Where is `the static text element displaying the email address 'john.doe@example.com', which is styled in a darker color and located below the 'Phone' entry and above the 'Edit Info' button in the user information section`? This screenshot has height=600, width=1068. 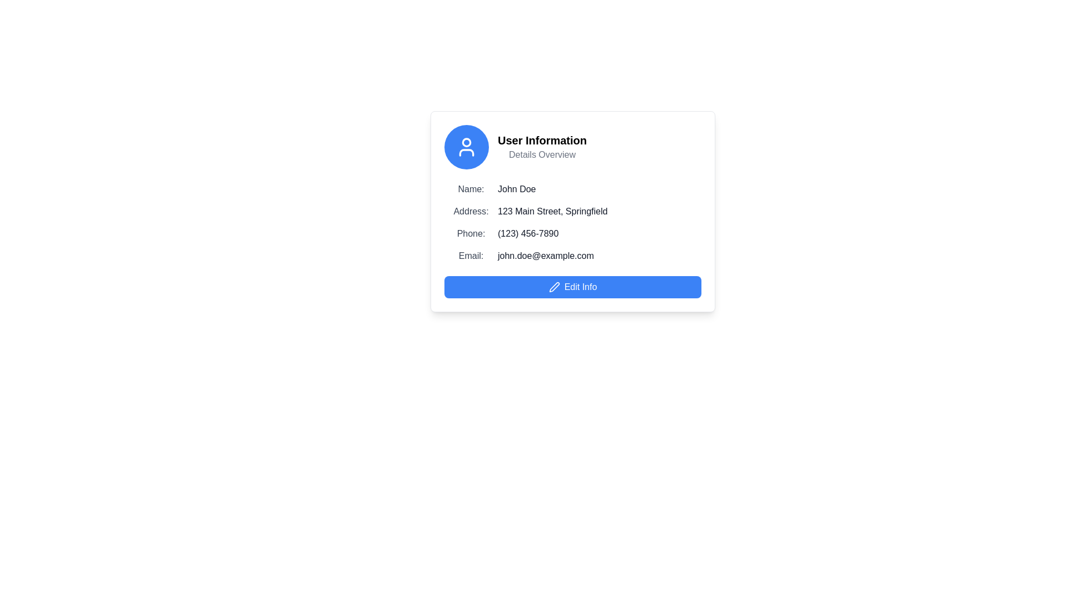
the static text element displaying the email address 'john.doe@example.com', which is styled in a darker color and located below the 'Phone' entry and above the 'Edit Info' button in the user information section is located at coordinates (573, 256).